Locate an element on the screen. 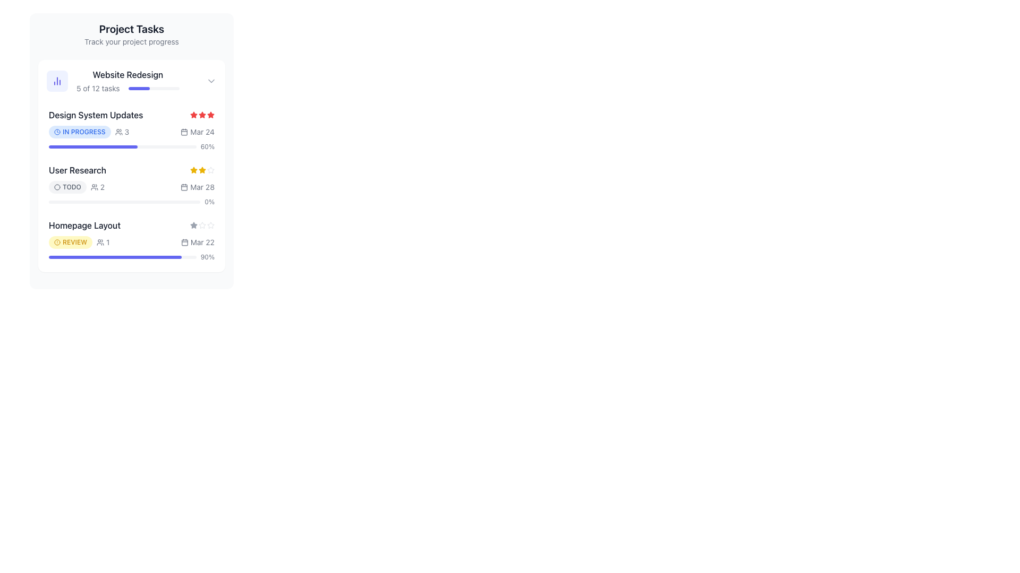  the progress bar indicating '60%' for the task 'Design System Updates' in the project task panel is located at coordinates (131, 147).